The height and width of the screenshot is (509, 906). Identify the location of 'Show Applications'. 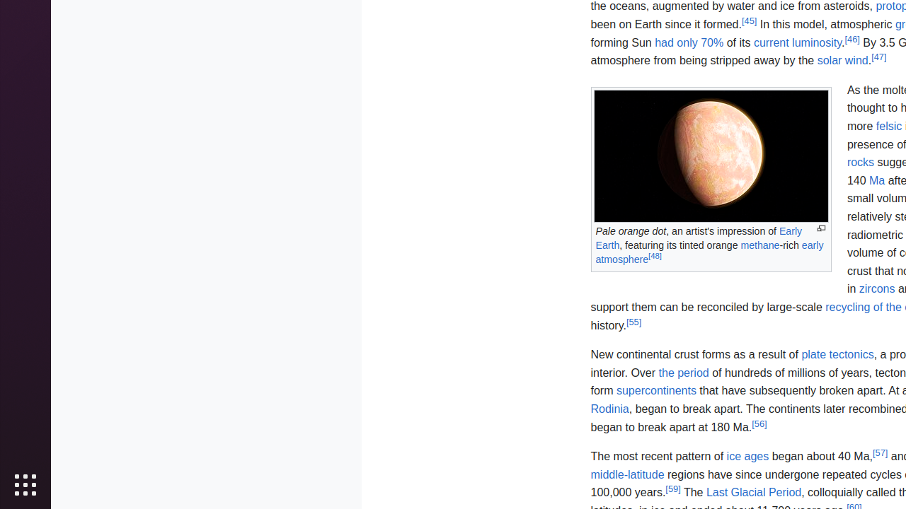
(25, 484).